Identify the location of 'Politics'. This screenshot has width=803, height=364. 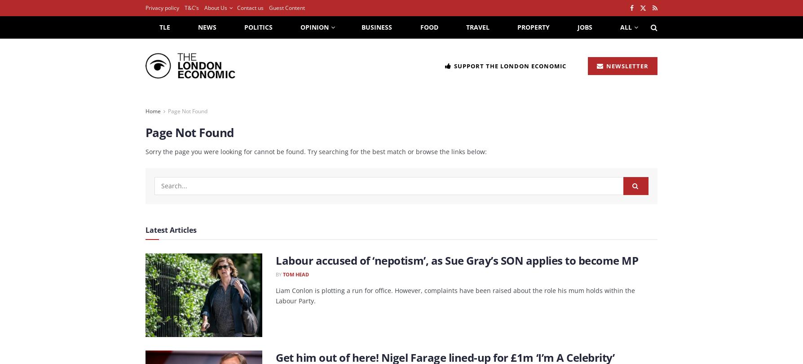
(258, 27).